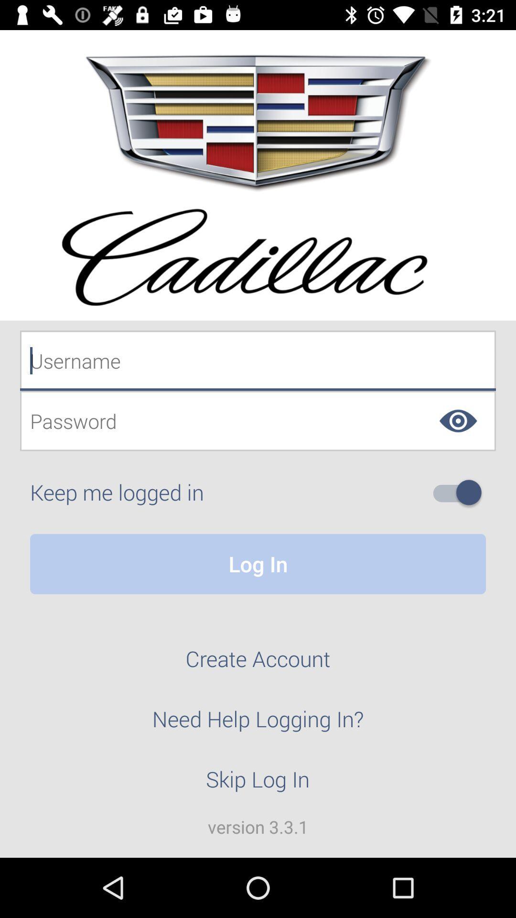 The width and height of the screenshot is (516, 918). What do you see at coordinates (258, 664) in the screenshot?
I see `icon below the log in item` at bounding box center [258, 664].